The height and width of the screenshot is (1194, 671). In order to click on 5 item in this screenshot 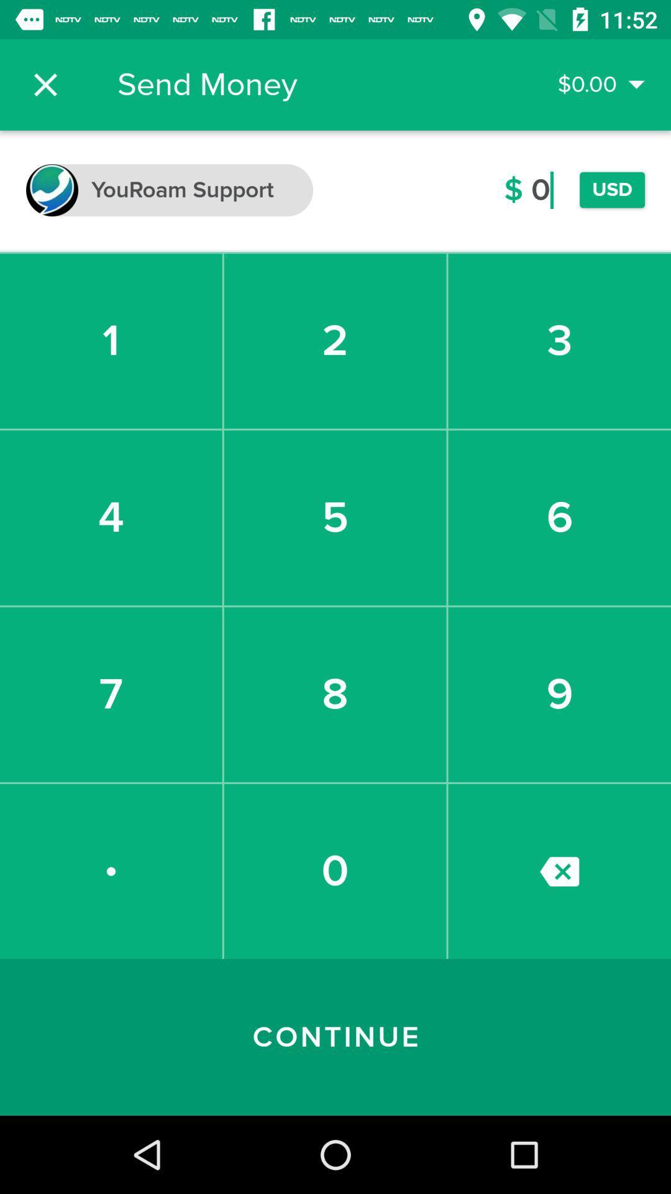, I will do `click(334, 517)`.